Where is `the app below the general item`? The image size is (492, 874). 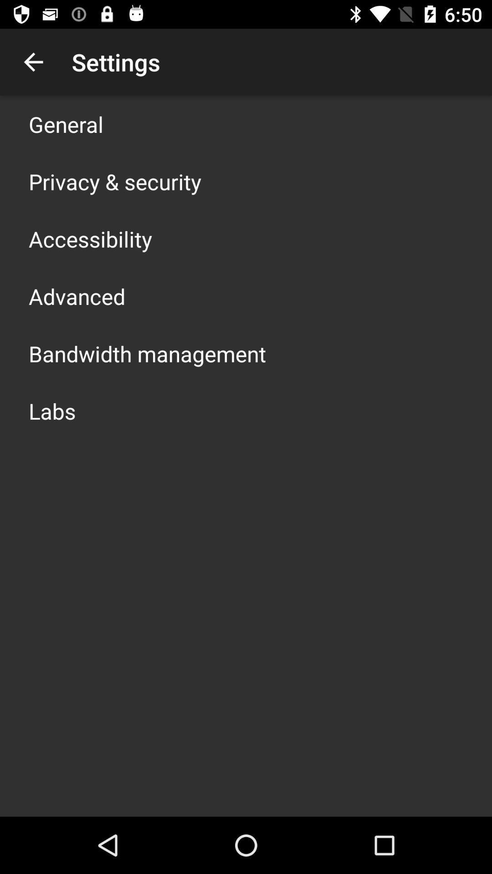 the app below the general item is located at coordinates (114, 181).